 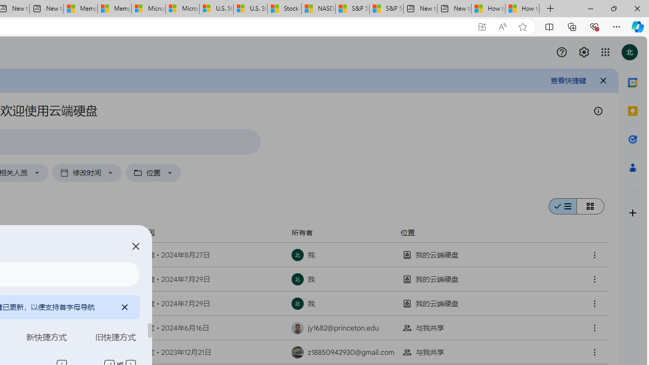 I want to click on 'How to Use a Monitor With Your Closed Laptop', so click(x=522, y=9).